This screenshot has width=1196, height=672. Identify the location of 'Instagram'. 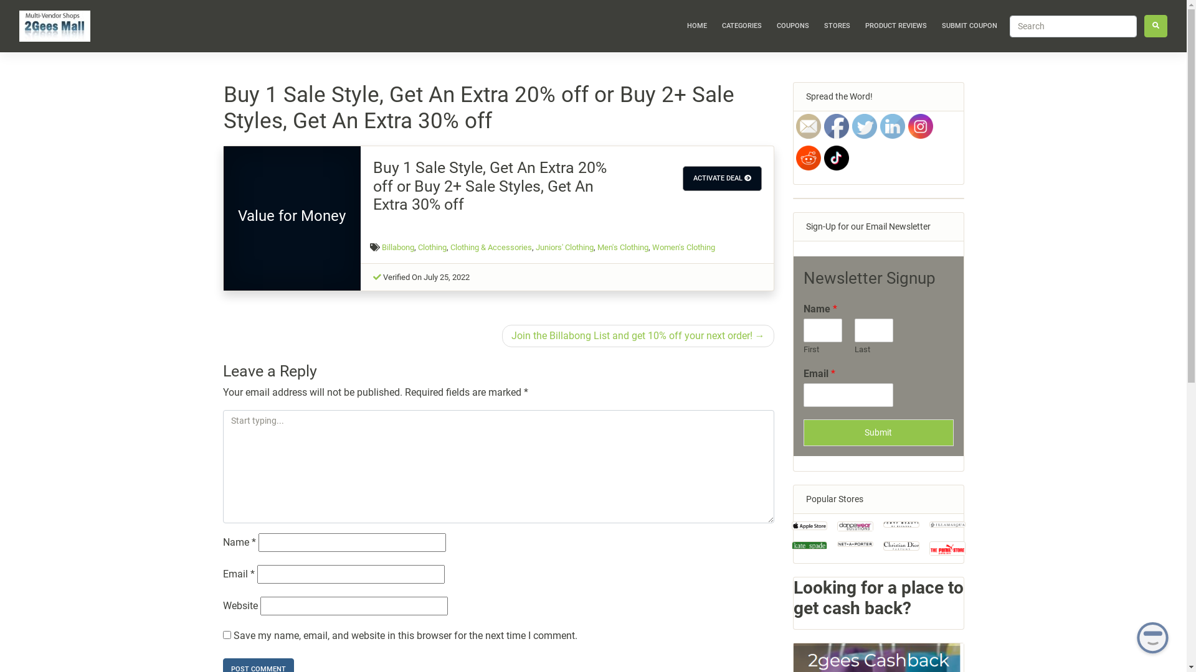
(921, 126).